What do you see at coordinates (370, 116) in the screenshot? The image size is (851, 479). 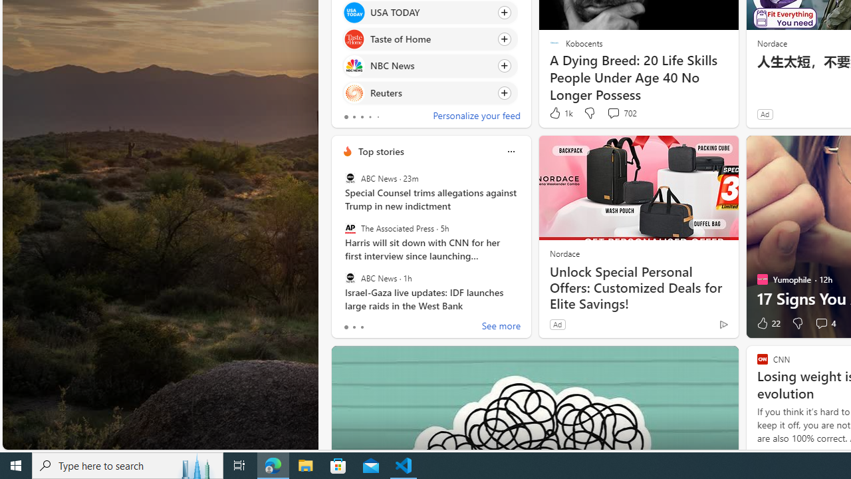 I see `'tab-3'` at bounding box center [370, 116].